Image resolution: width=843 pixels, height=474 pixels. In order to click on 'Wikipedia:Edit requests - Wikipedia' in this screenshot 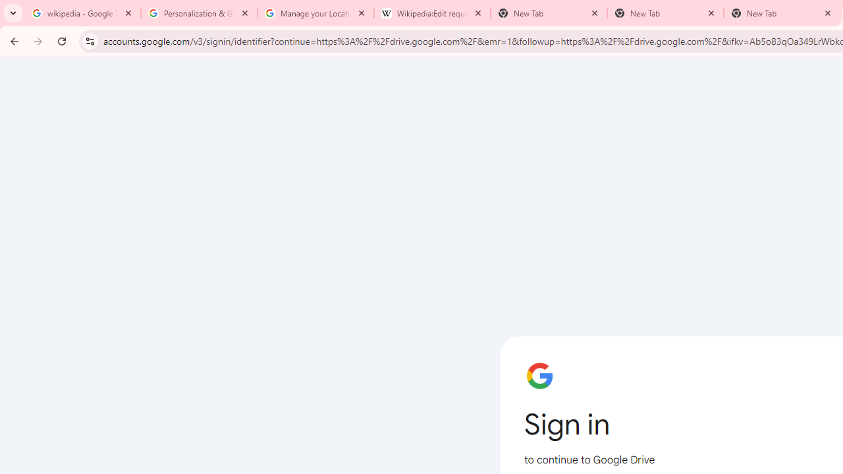, I will do `click(432, 13)`.